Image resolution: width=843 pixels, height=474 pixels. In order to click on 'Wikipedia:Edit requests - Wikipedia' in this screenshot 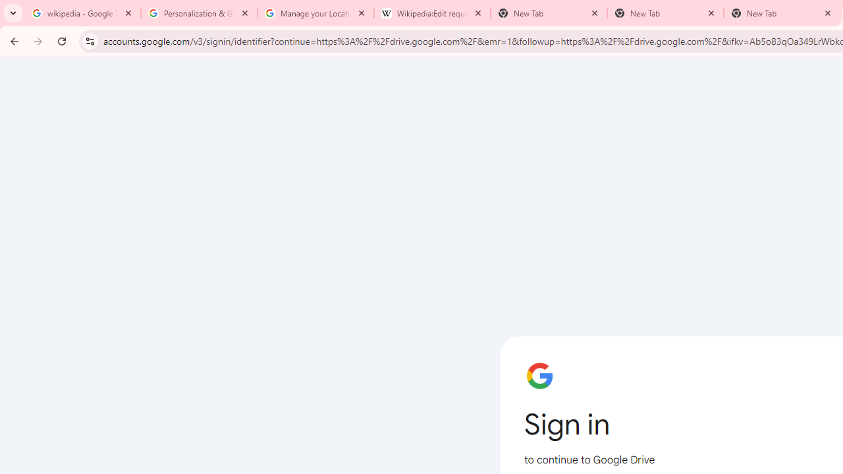, I will do `click(432, 13)`.